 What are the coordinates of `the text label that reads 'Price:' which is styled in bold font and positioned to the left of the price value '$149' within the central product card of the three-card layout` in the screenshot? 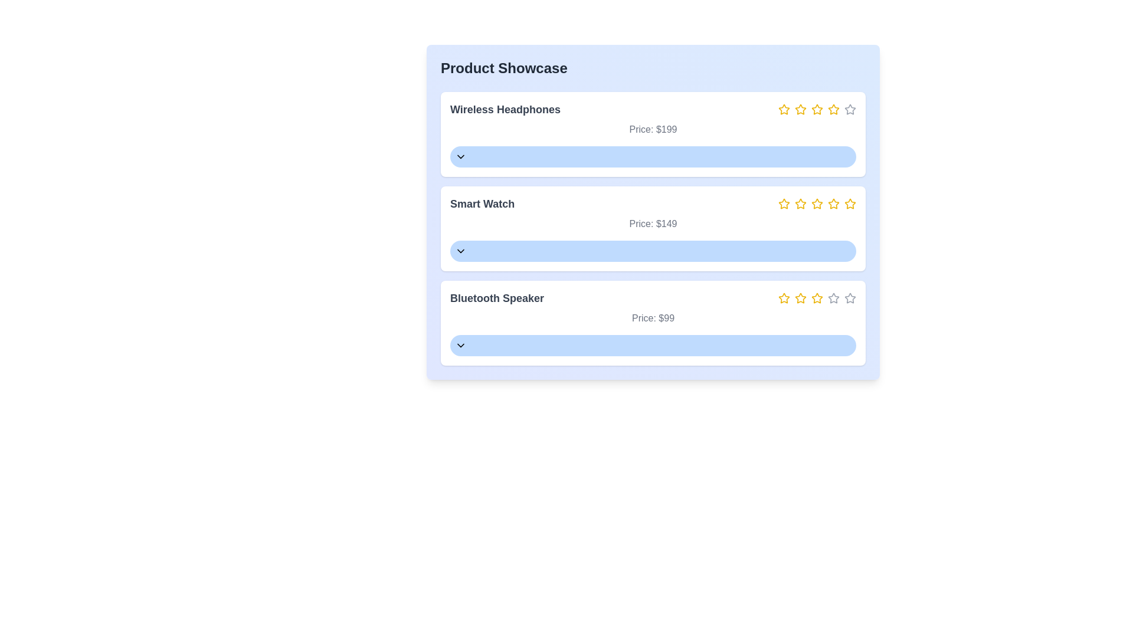 It's located at (640, 224).